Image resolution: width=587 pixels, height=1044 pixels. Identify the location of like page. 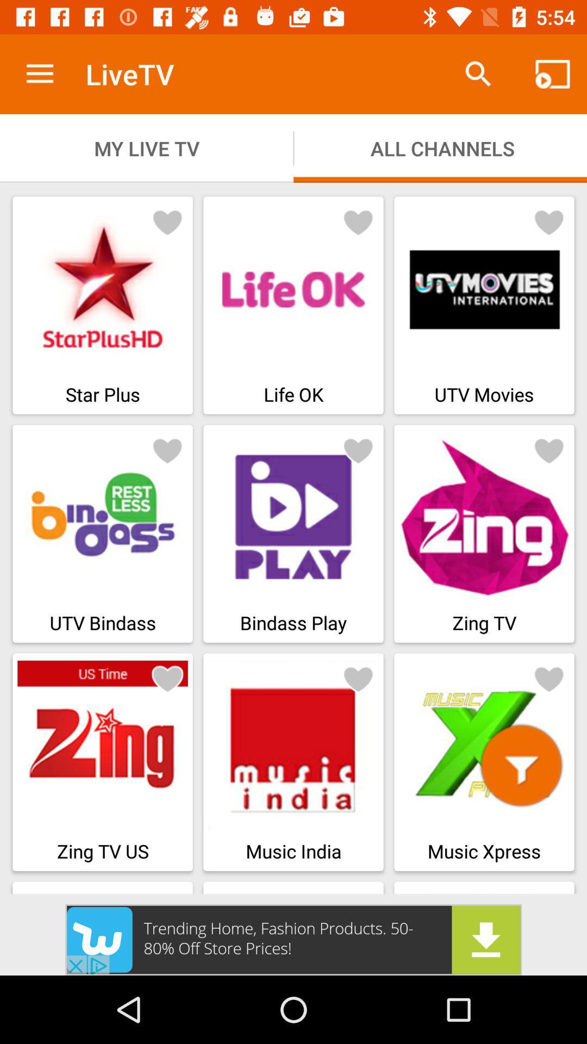
(549, 678).